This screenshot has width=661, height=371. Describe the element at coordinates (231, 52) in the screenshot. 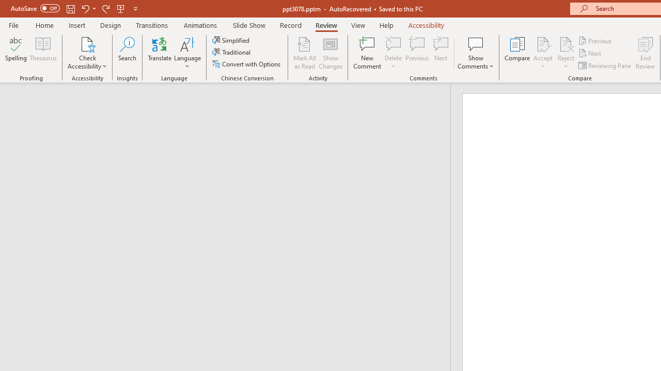

I see `'Traditional'` at that location.